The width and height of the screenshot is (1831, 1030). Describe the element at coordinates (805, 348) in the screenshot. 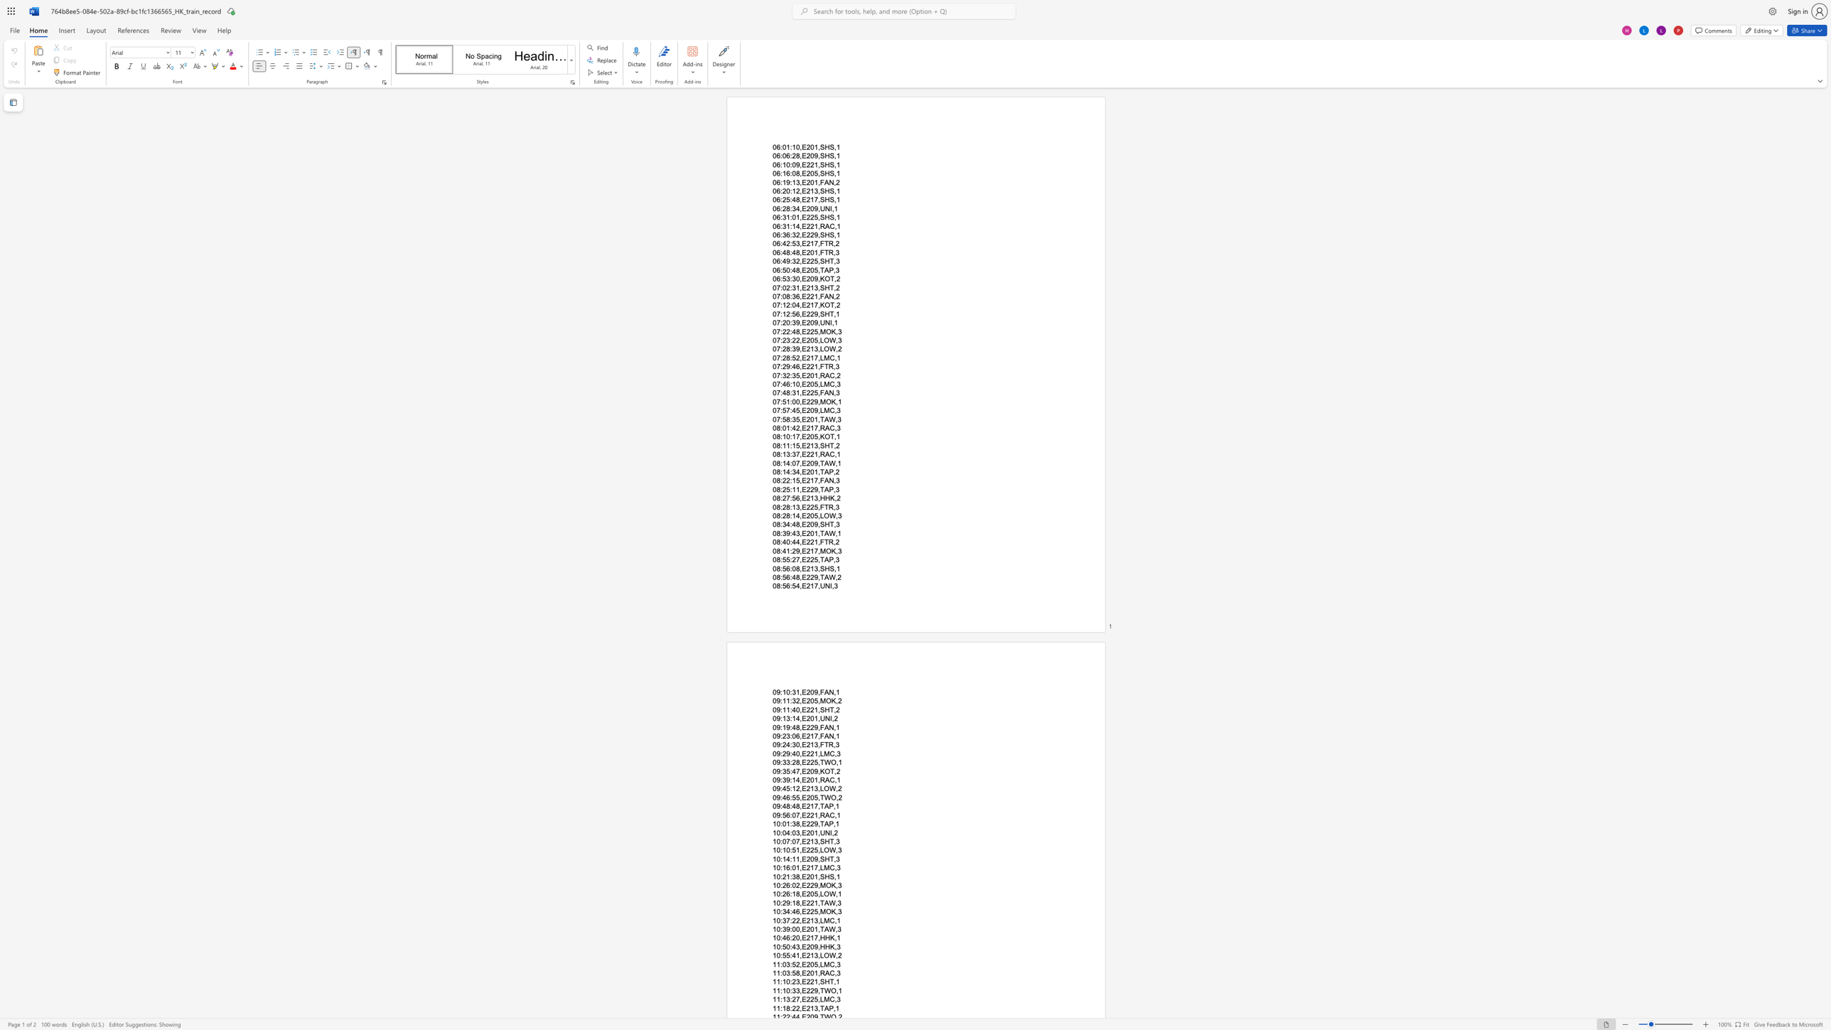

I see `the subset text "213,LOW,2" within the text "07:28:39,E213,LOW,2"` at that location.